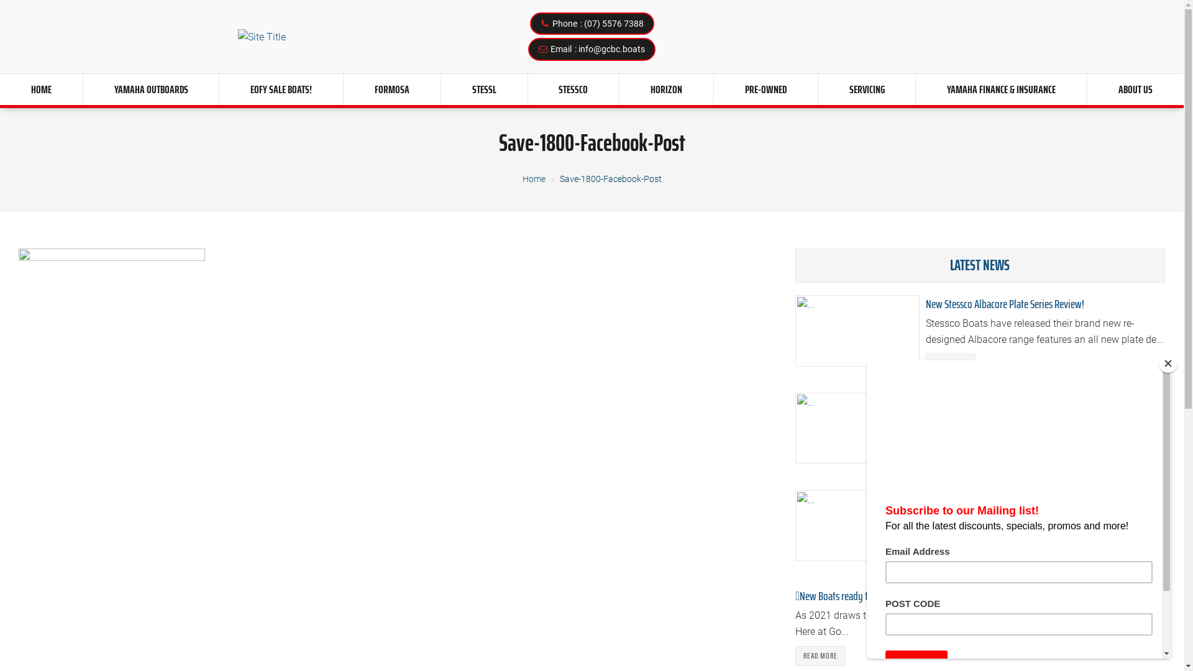 This screenshot has width=1193, height=671. Describe the element at coordinates (483, 88) in the screenshot. I see `'STESSL'` at that location.